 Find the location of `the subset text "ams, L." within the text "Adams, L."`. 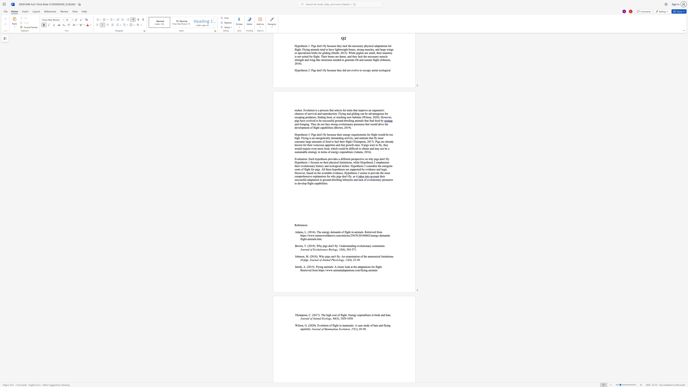

the subset text "ams, L." within the text "Adams, L." is located at coordinates (299, 232).